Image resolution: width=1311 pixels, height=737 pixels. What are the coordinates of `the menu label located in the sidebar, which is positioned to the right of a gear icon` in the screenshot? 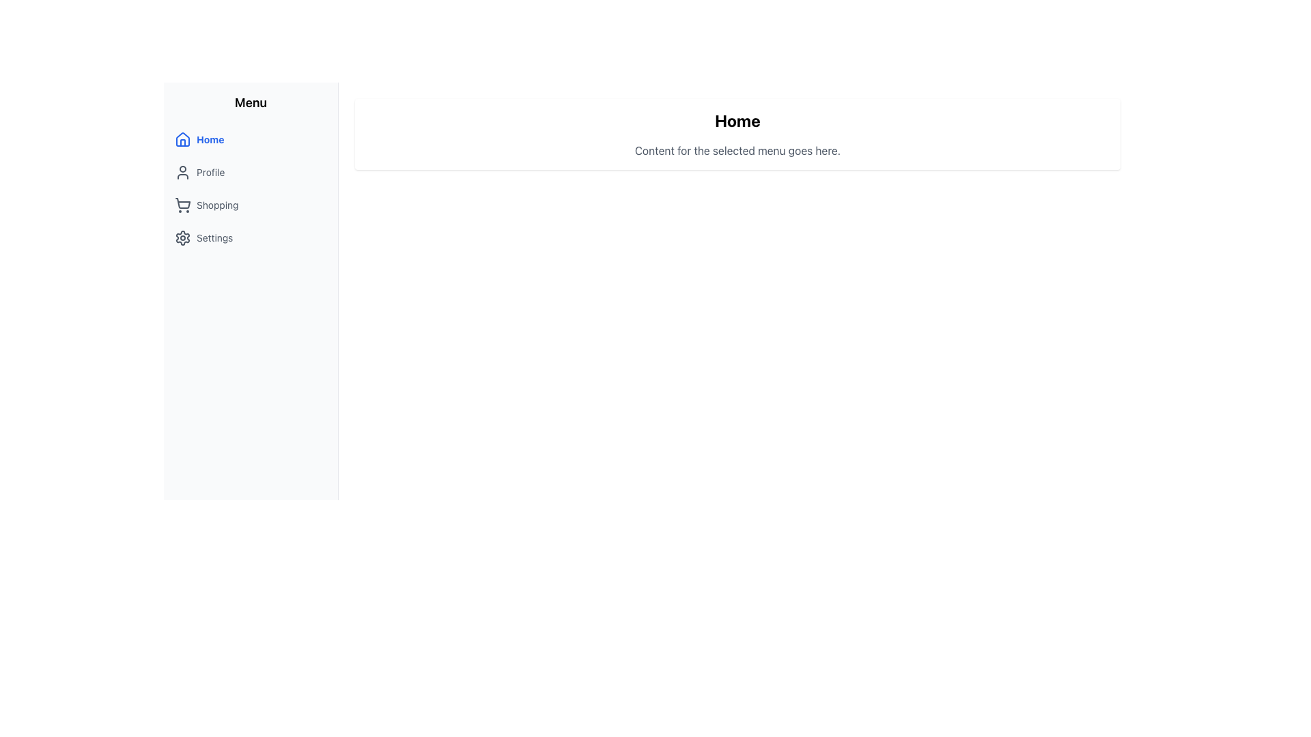 It's located at (214, 237).